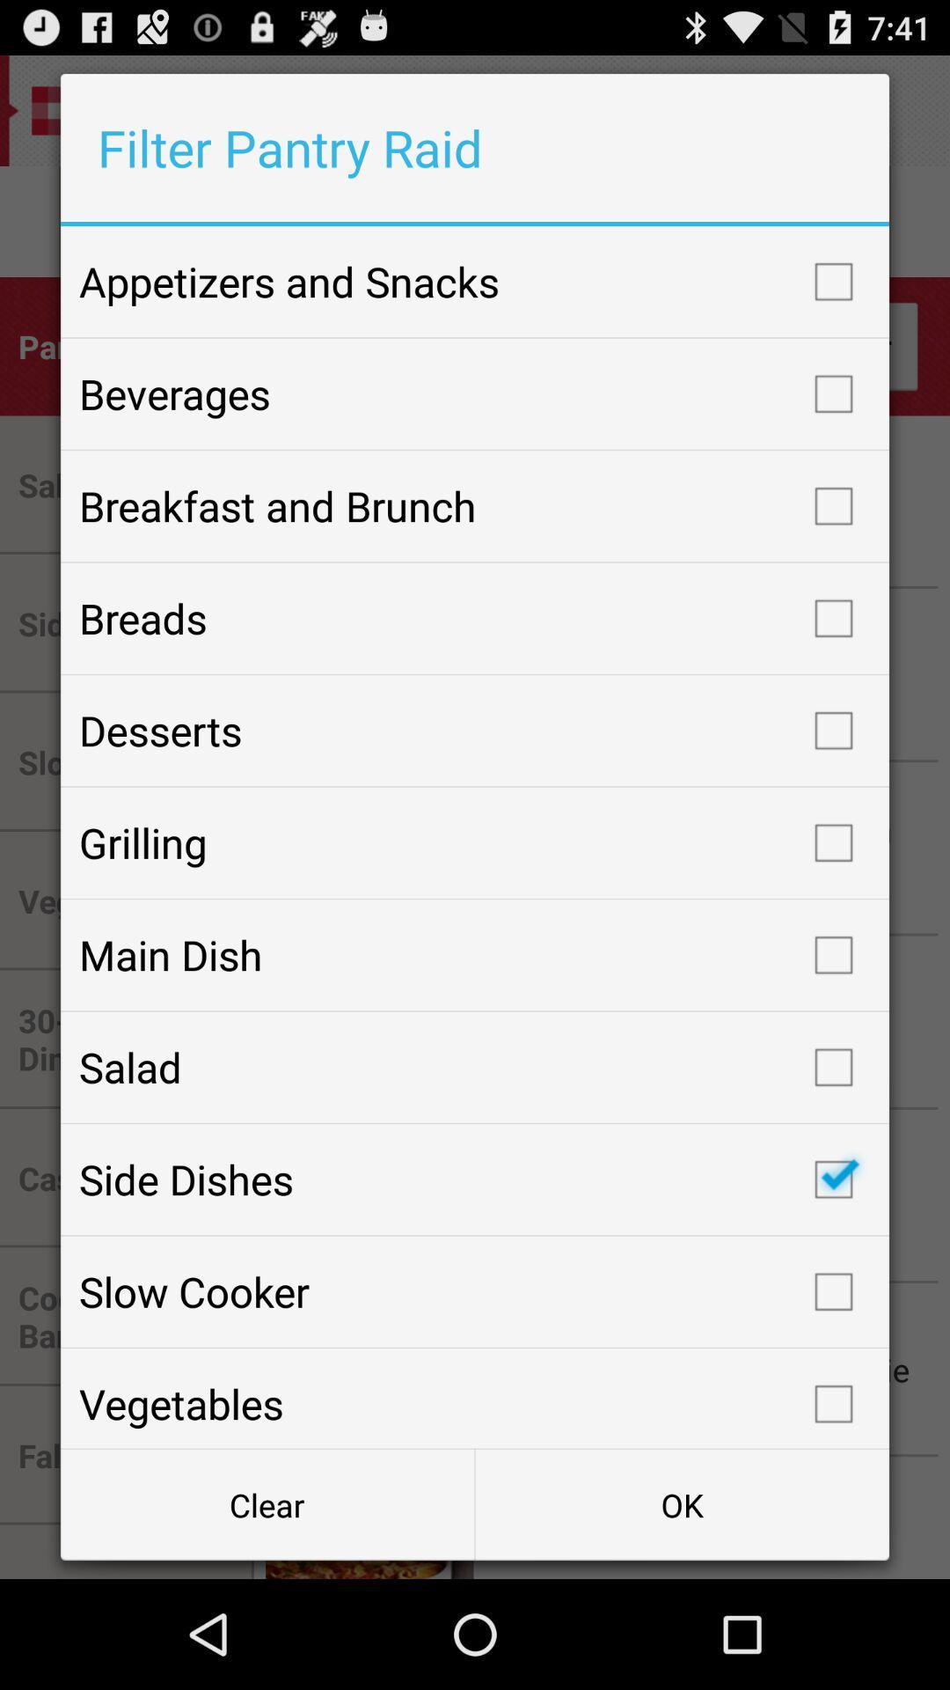  What do you see at coordinates (475, 393) in the screenshot?
I see `icon above breakfast and brunch checkbox` at bounding box center [475, 393].